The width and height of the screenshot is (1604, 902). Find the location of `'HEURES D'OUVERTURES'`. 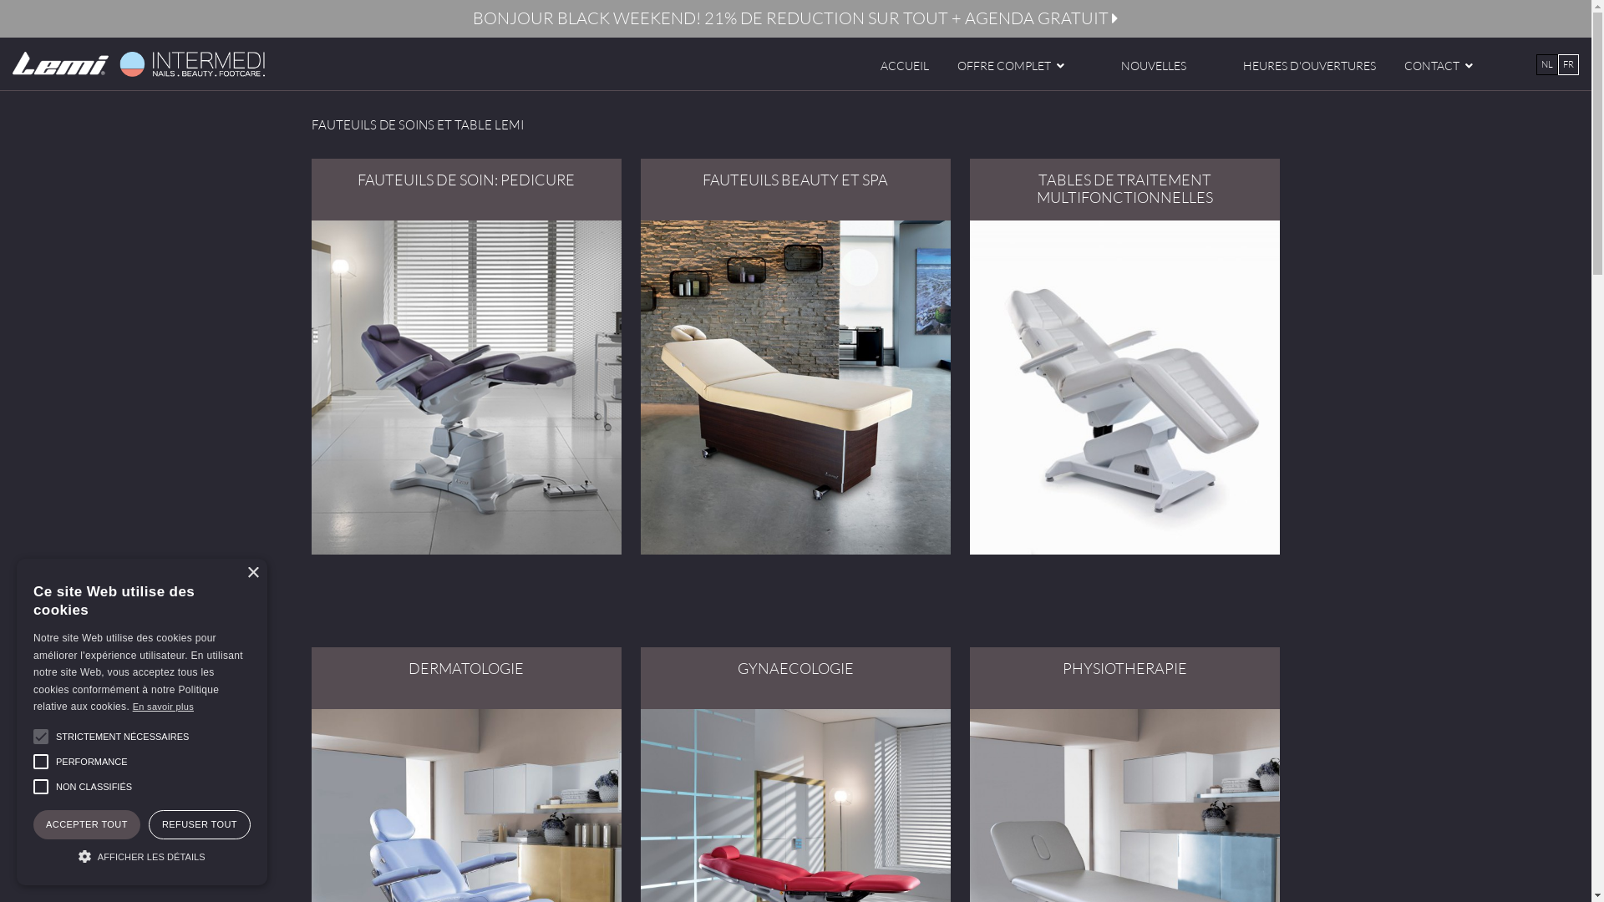

'HEURES D'OUVERTURES' is located at coordinates (1308, 64).